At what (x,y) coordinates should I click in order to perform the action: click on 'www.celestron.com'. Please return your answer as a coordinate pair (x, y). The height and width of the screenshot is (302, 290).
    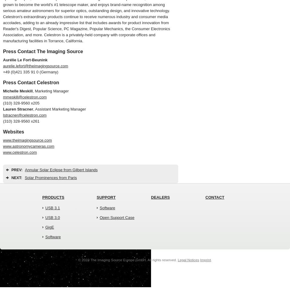
    Looking at the image, I should click on (20, 152).